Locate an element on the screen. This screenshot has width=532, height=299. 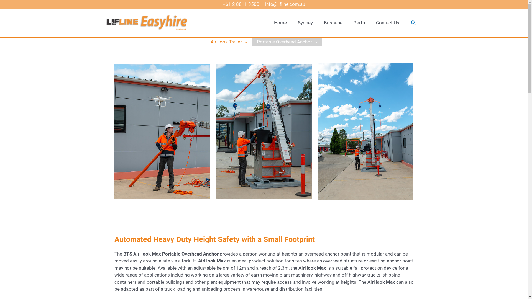
'Perth' is located at coordinates (348, 22).